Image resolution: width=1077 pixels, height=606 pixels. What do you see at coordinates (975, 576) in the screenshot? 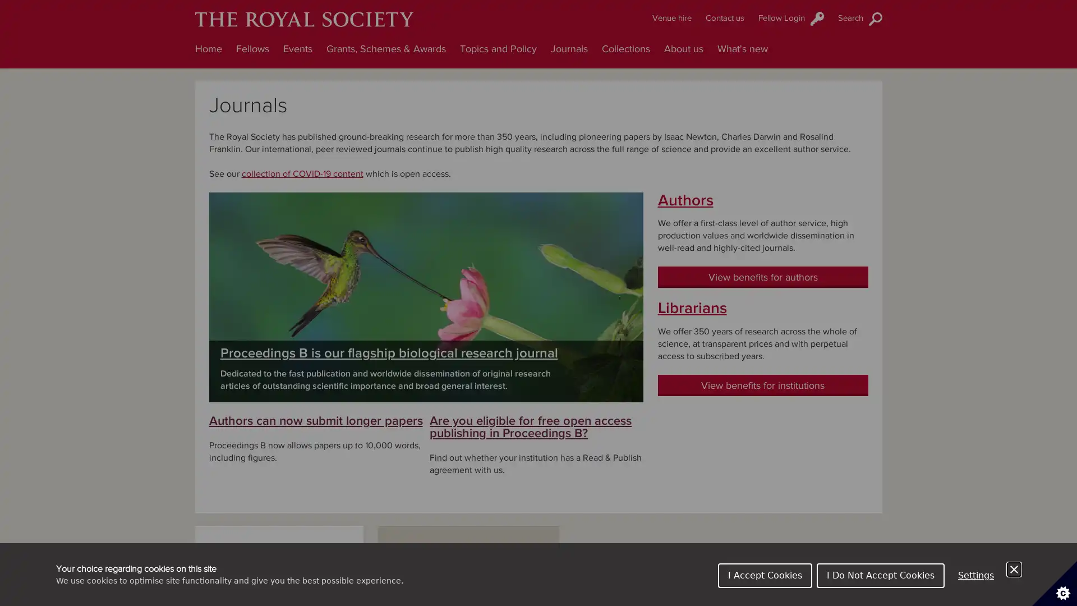
I see `Settings` at bounding box center [975, 576].